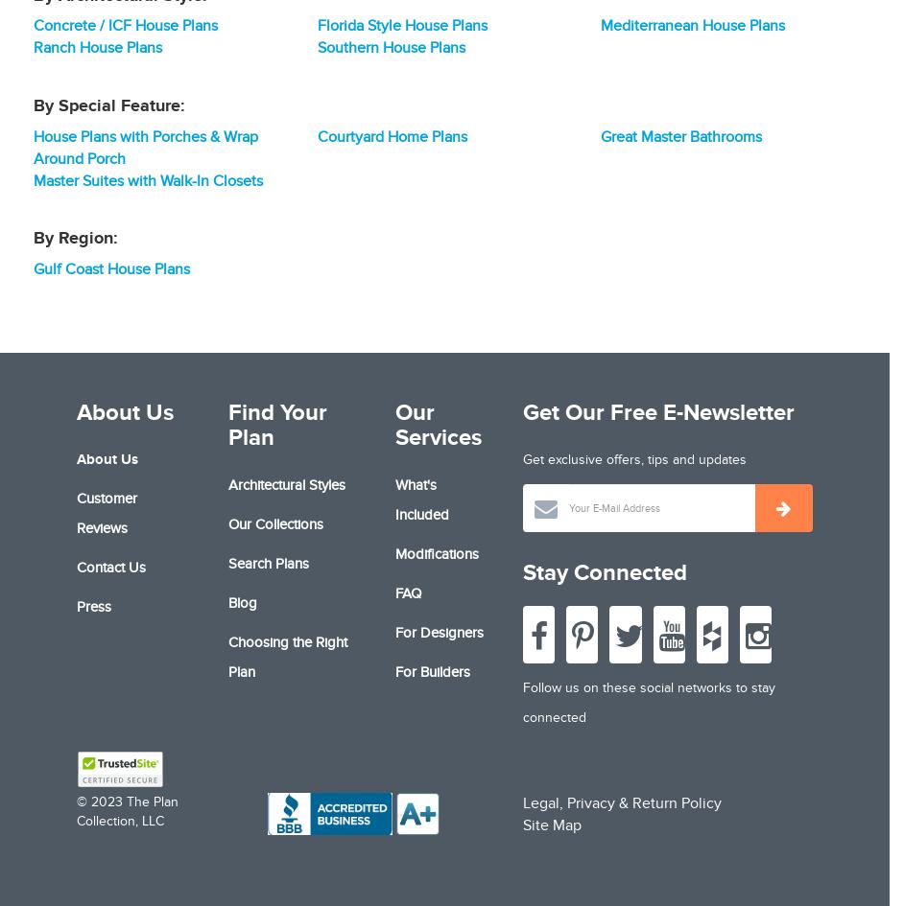 The width and height of the screenshot is (904, 906). I want to click on 'What's Included', so click(421, 498).